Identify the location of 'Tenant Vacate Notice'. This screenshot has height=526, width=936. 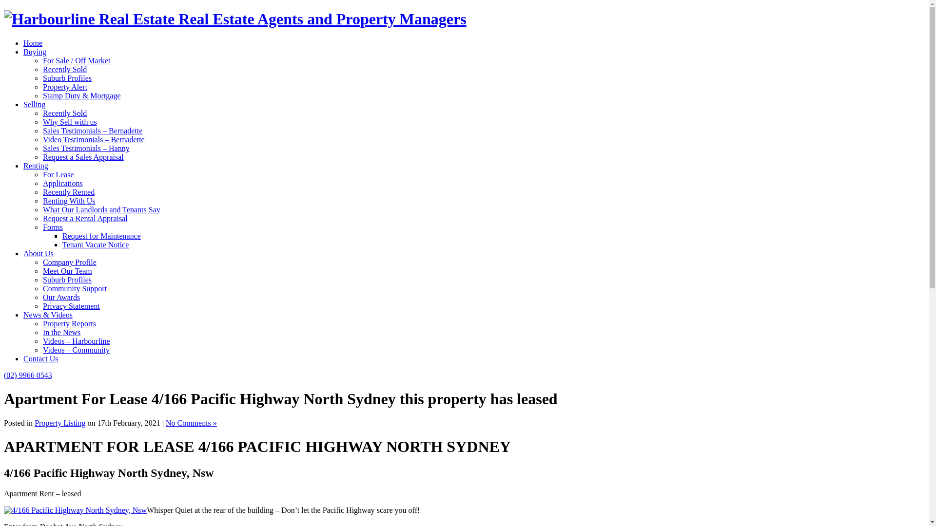
(96, 244).